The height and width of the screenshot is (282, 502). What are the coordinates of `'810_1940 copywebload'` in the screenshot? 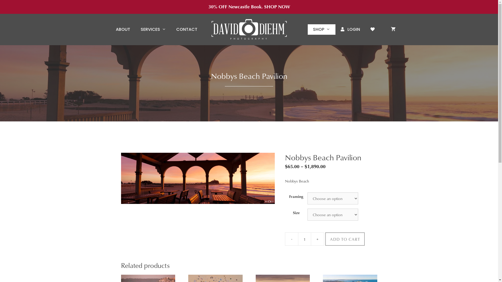 It's located at (197, 178).